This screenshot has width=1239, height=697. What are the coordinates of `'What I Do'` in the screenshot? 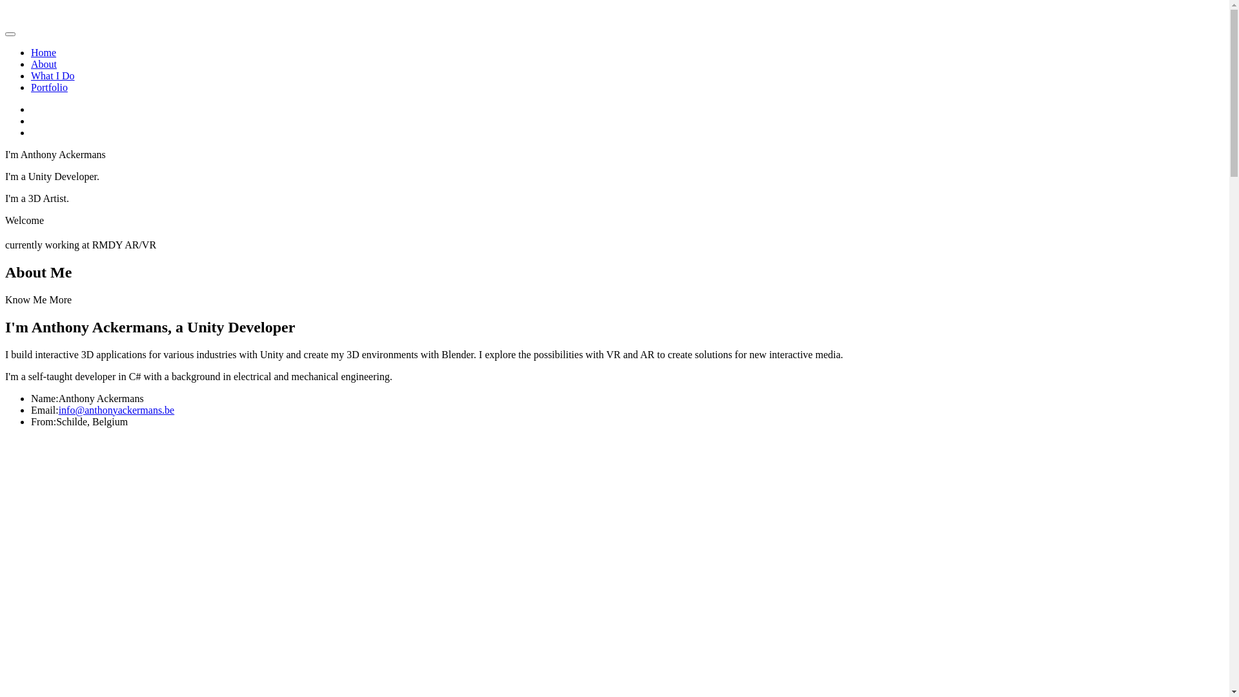 It's located at (52, 76).